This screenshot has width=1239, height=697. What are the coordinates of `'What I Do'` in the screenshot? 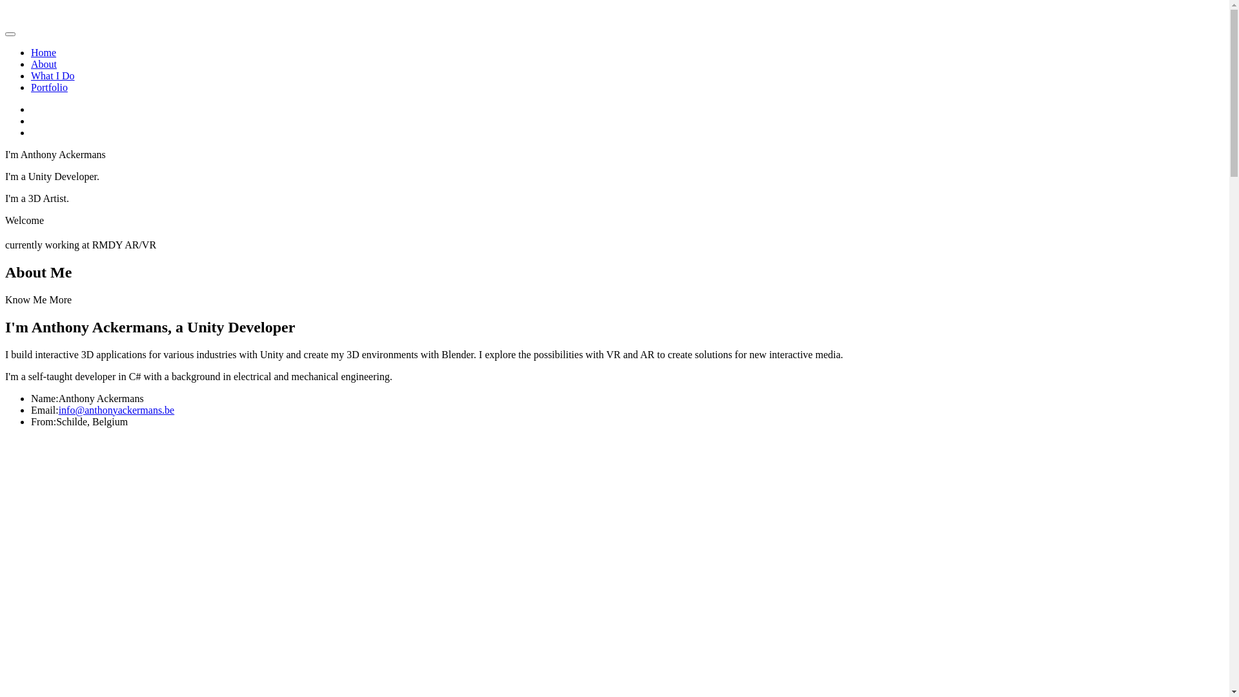 It's located at (52, 76).